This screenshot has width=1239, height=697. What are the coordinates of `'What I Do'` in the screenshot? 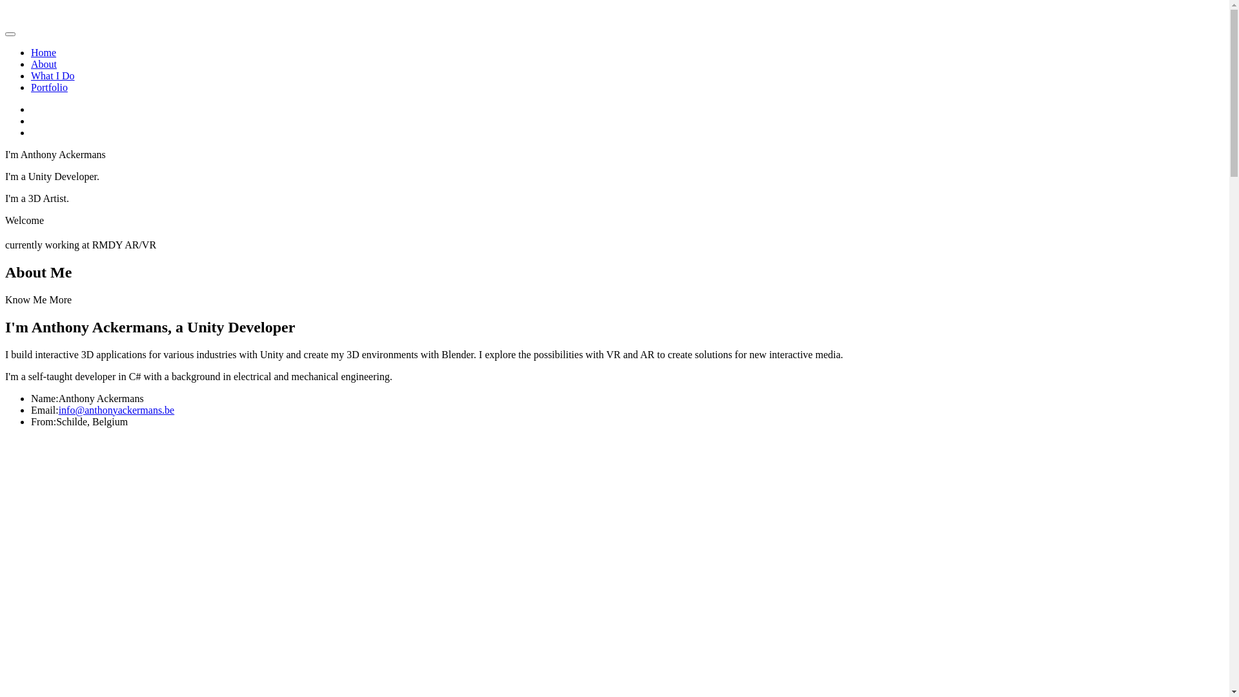 It's located at (52, 76).